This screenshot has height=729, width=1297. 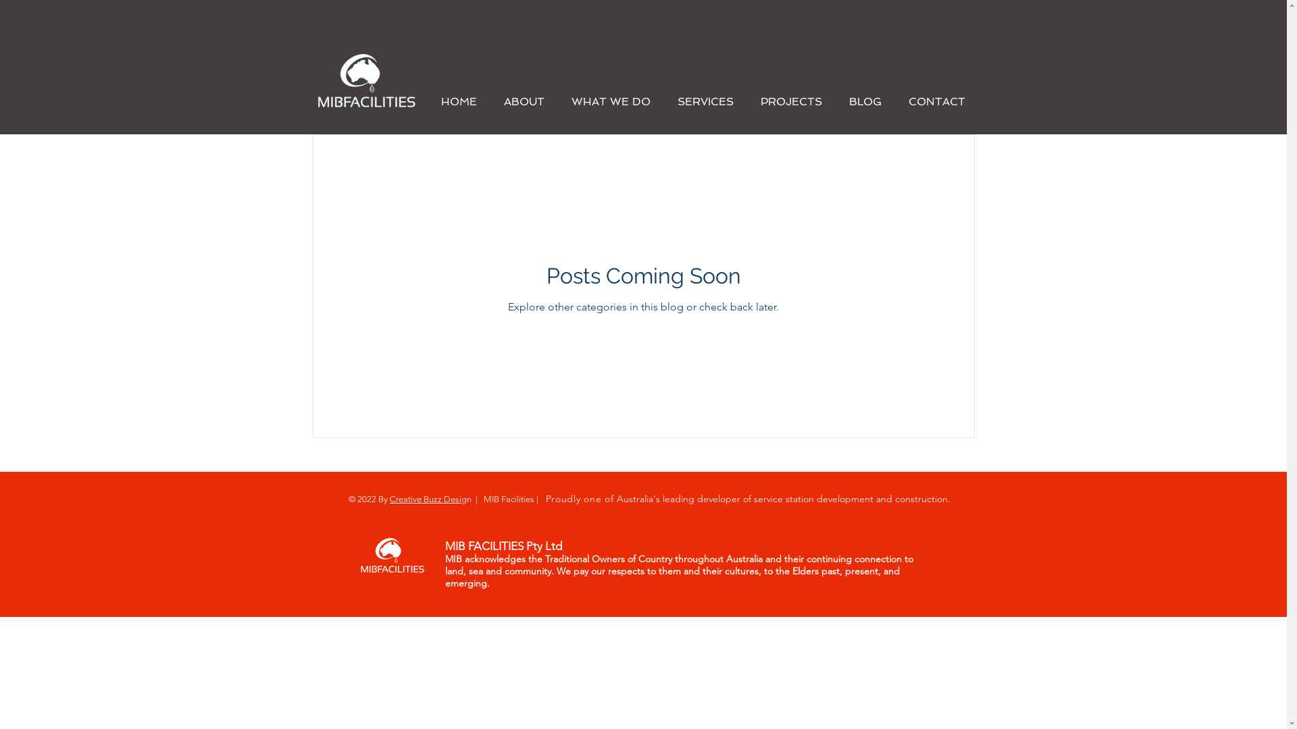 I want to click on 'ABOUT', so click(x=524, y=101).